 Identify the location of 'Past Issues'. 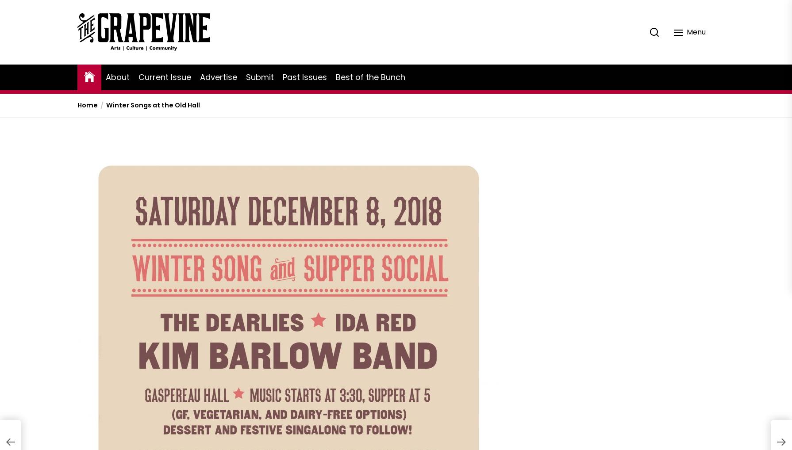
(304, 76).